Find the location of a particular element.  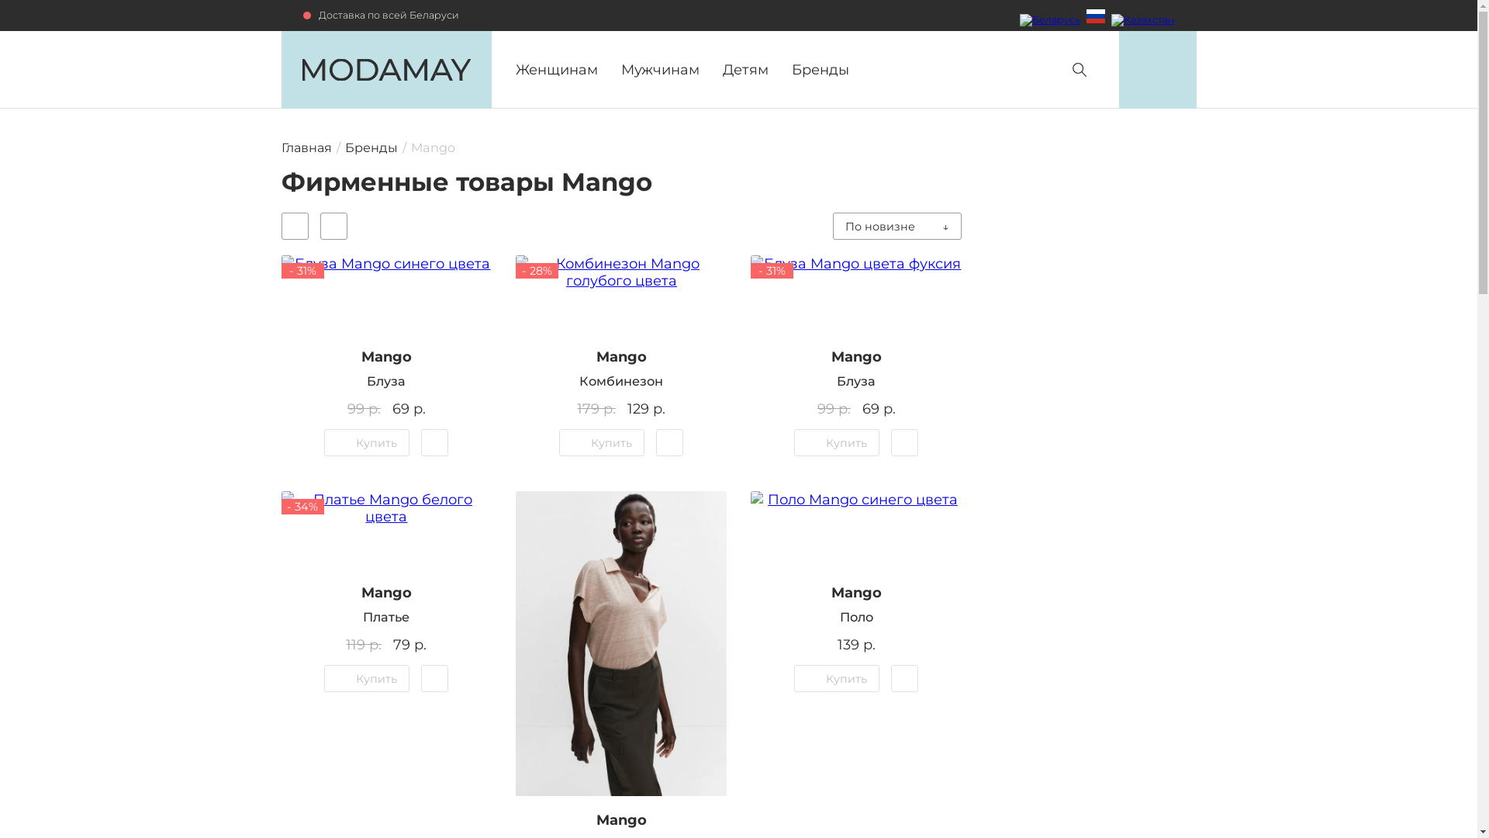

'Mango' is located at coordinates (621, 356).